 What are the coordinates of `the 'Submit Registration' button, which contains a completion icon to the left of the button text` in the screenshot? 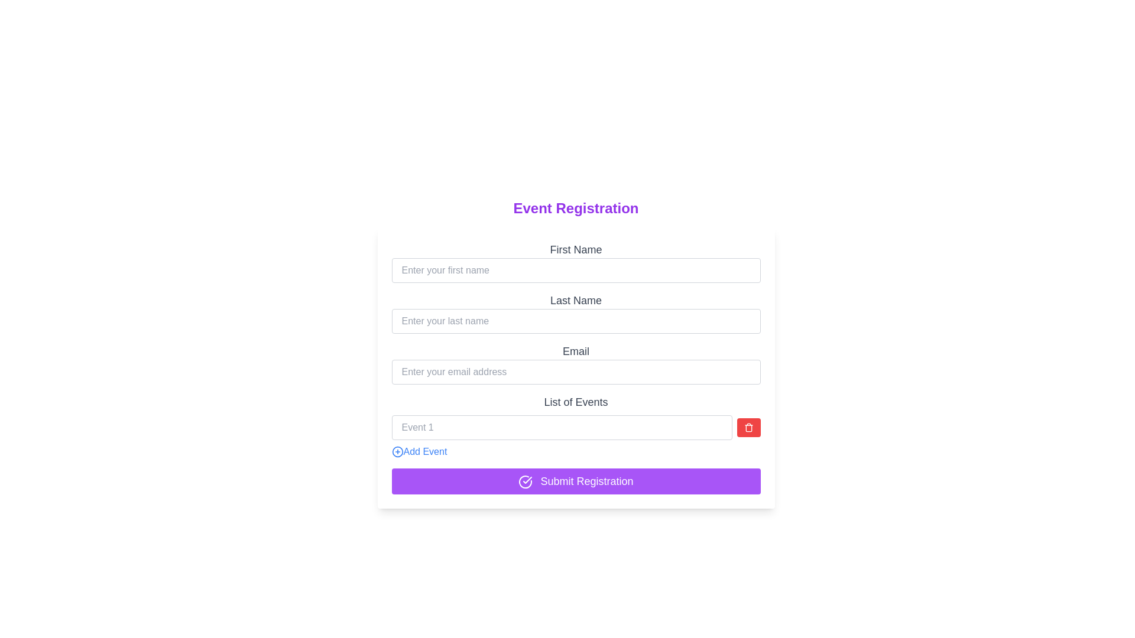 It's located at (524, 482).